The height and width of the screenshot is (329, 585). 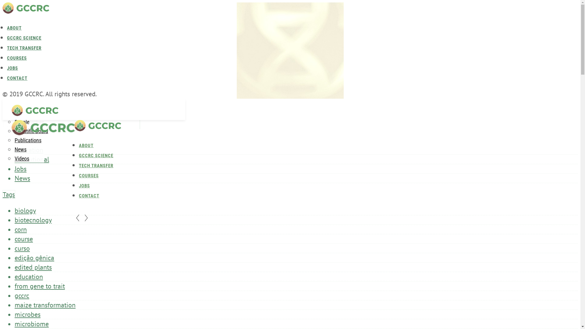 What do you see at coordinates (15, 238) in the screenshot?
I see `'course'` at bounding box center [15, 238].